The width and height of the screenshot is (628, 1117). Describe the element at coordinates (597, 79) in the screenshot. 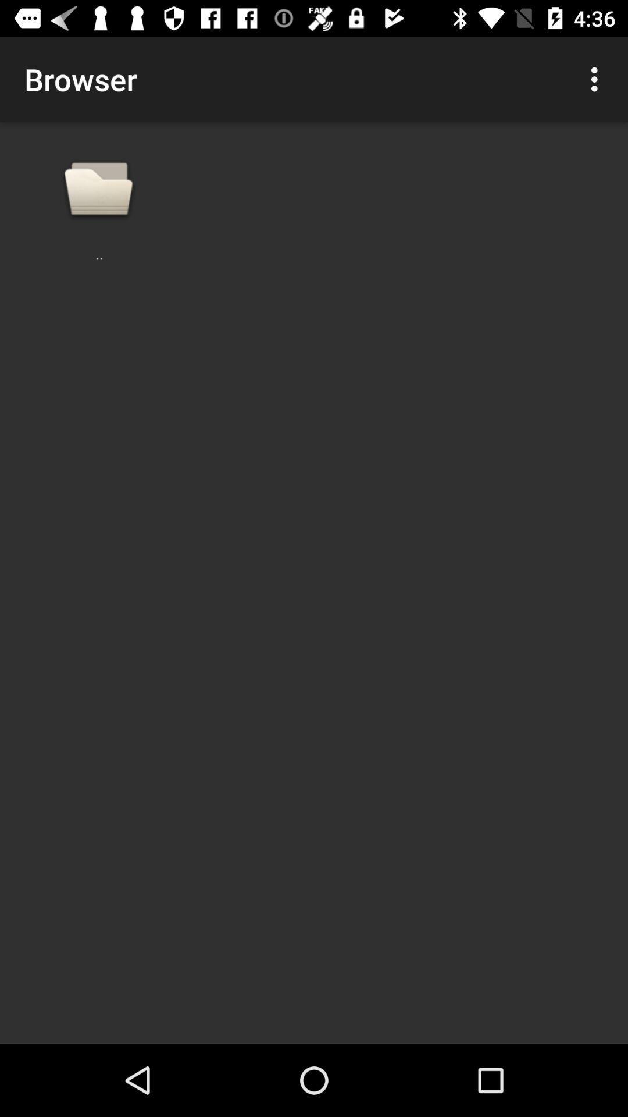

I see `item at the top right corner` at that location.